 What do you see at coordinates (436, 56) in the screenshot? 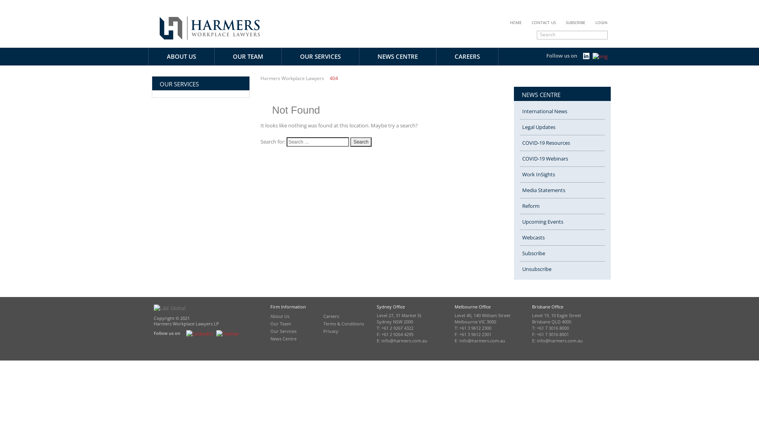
I see `'CAREERS'` at bounding box center [436, 56].